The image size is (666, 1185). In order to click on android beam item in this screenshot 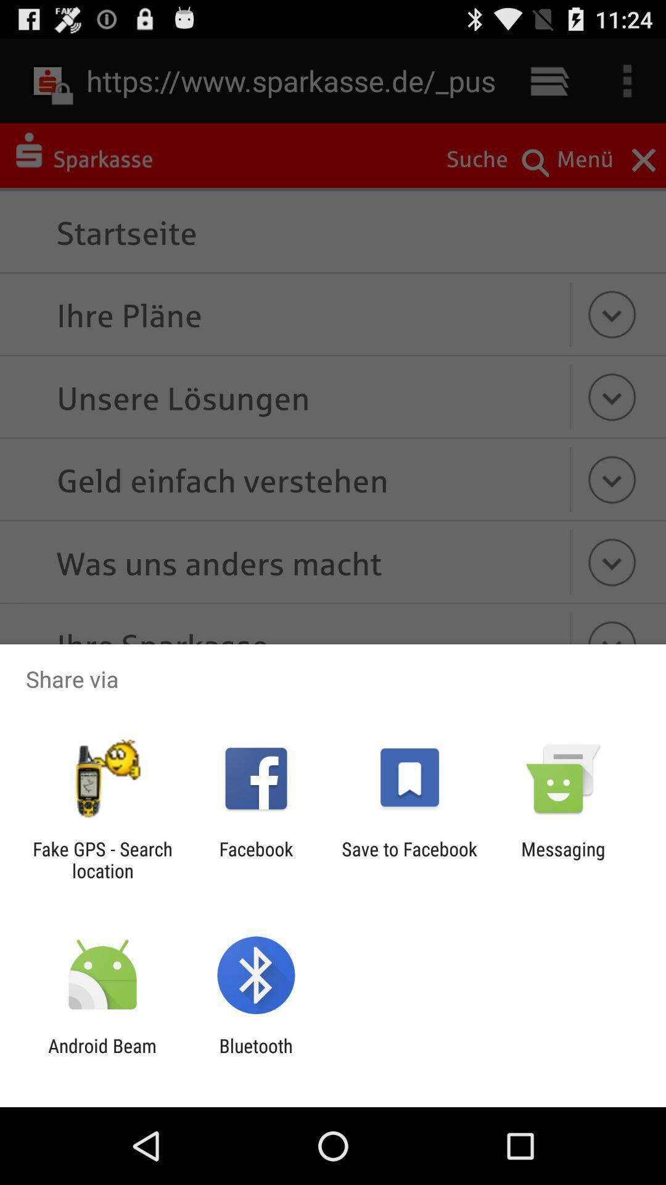, I will do `click(102, 1056)`.